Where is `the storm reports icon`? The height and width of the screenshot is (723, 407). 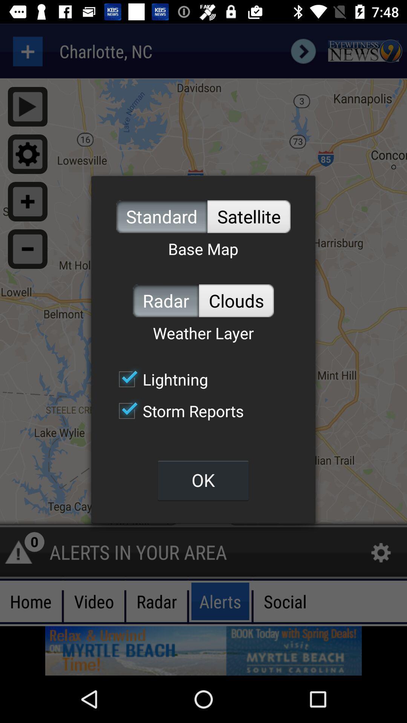 the storm reports icon is located at coordinates (177, 410).